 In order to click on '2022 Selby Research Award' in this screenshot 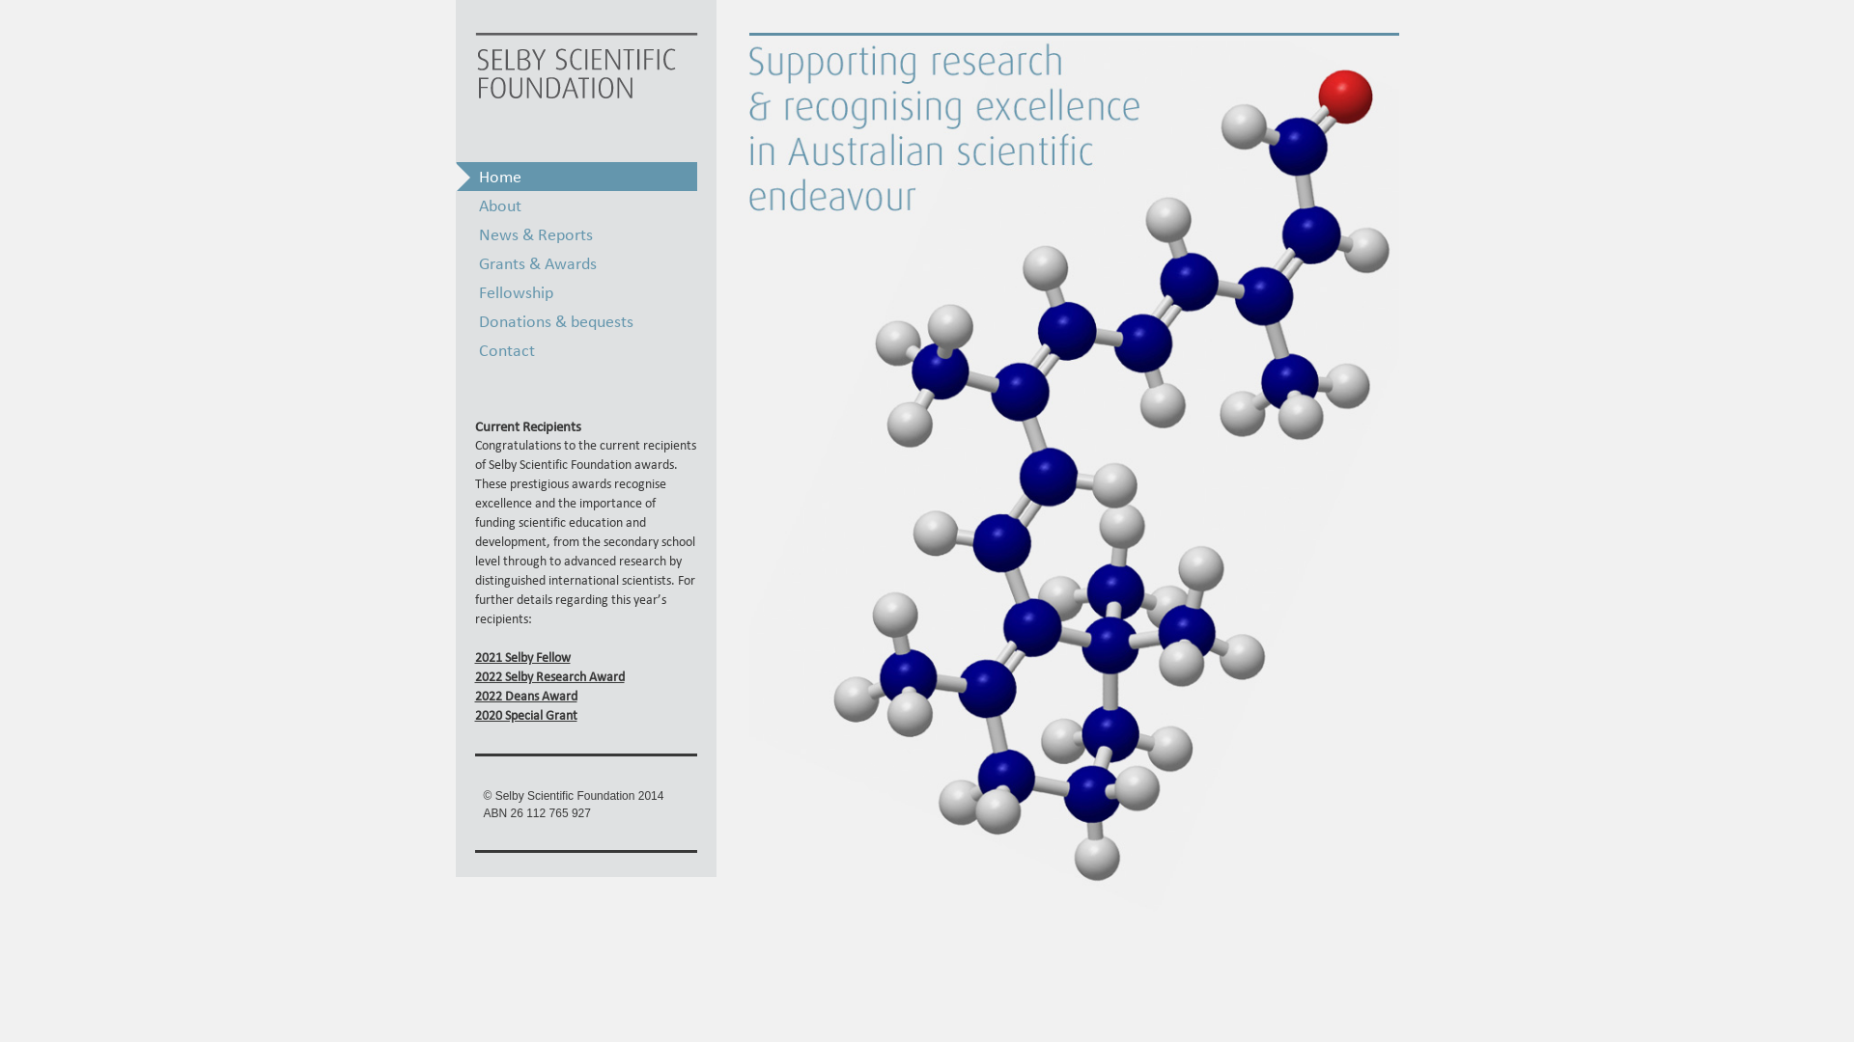, I will do `click(584, 676)`.